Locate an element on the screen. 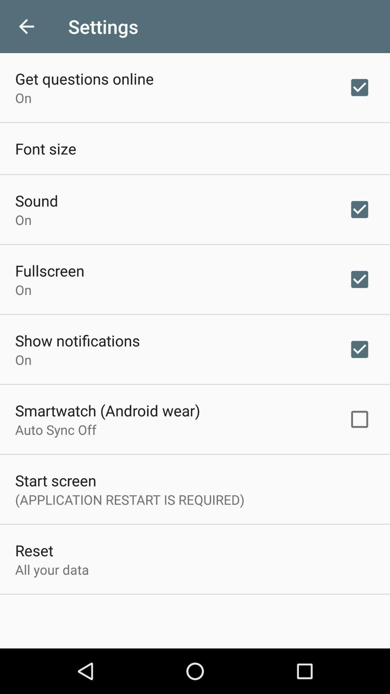 The height and width of the screenshot is (694, 390). application restart is icon is located at coordinates (129, 499).